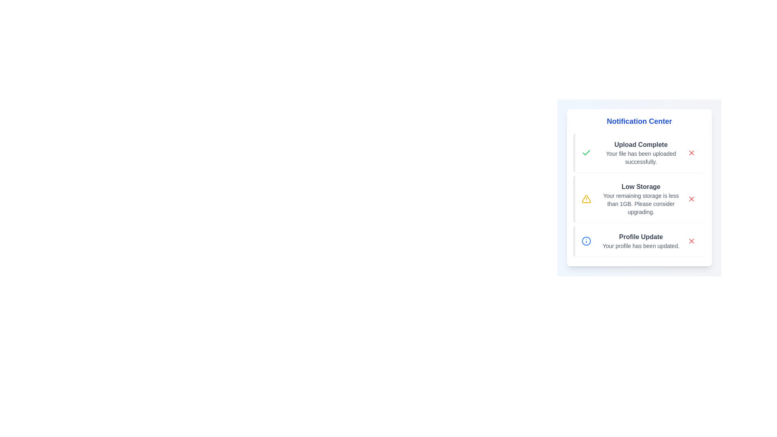  I want to click on the 'X' icon located in the 'Upload Complete' card section, so click(691, 153).